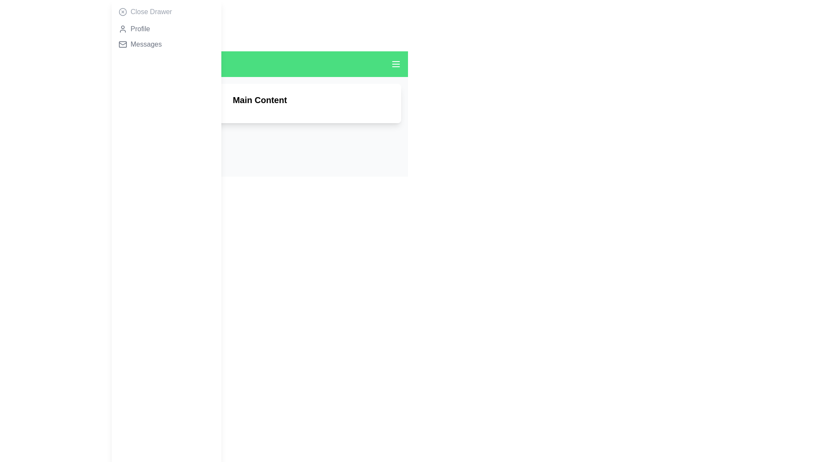  I want to click on the person silhouette icon, so click(122, 29).